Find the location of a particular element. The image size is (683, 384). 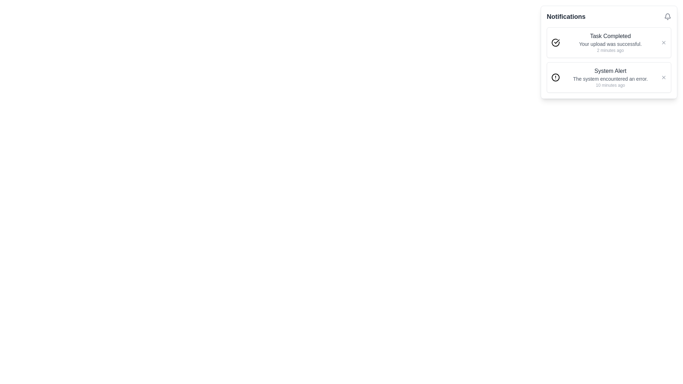

the text label displaying 'Your upload was successful.' which is styled in gray and positioned below 'Task Completed' is located at coordinates (610, 44).